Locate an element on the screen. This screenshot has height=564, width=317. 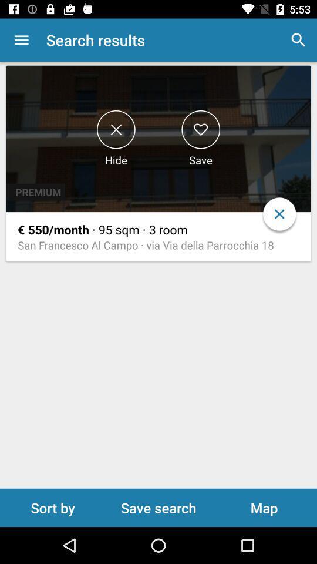
hide the current image from a search is located at coordinates (116, 129).